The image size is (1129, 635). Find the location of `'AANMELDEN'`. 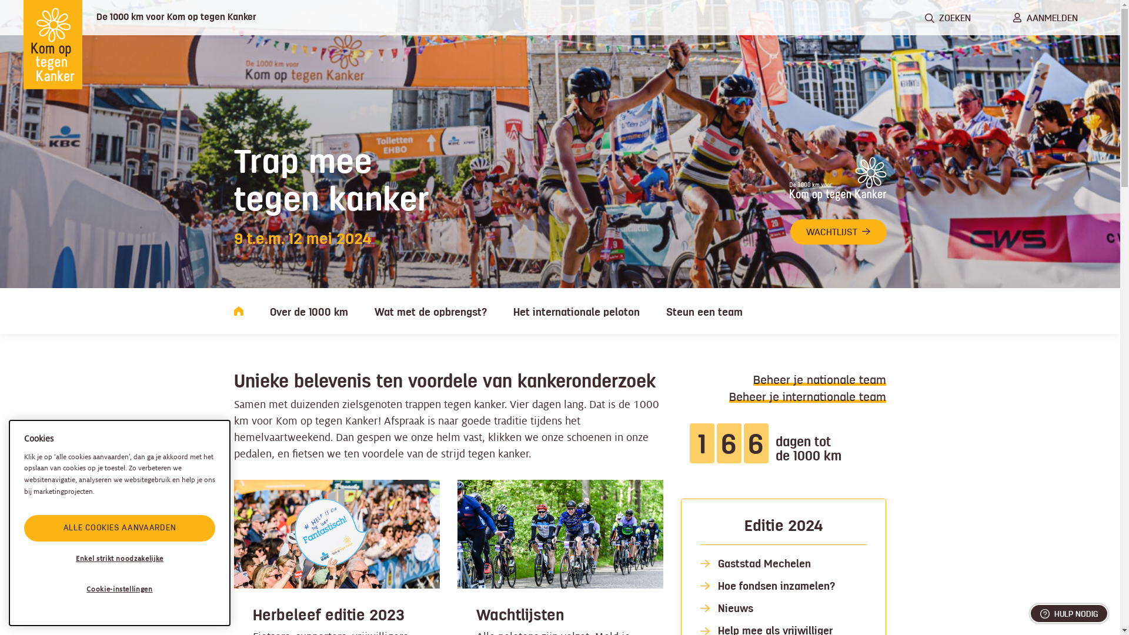

'AANMELDEN' is located at coordinates (1046, 18).